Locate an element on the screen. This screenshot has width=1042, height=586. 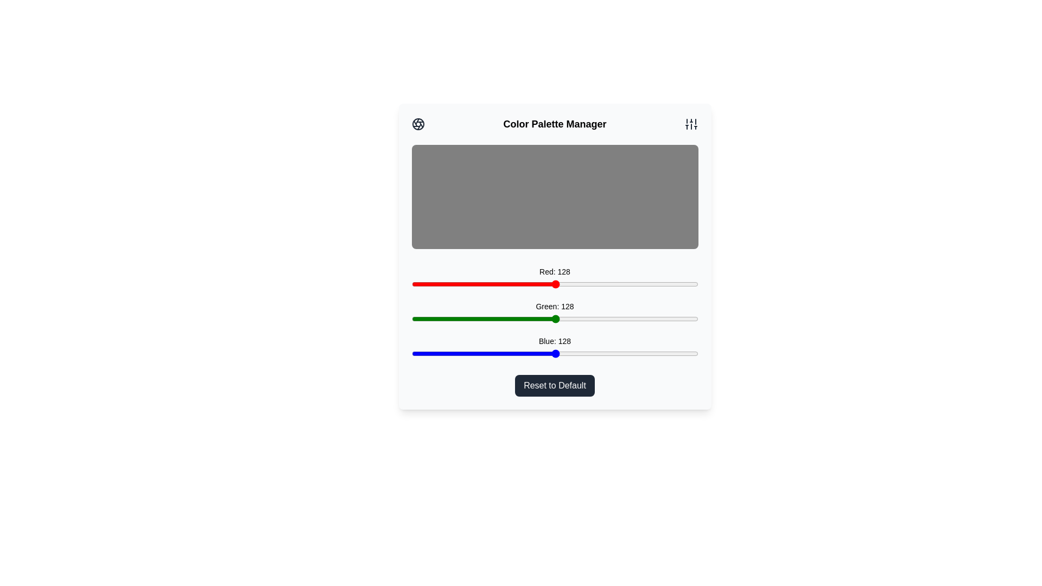
the red color slider to 7 is located at coordinates (418, 284).